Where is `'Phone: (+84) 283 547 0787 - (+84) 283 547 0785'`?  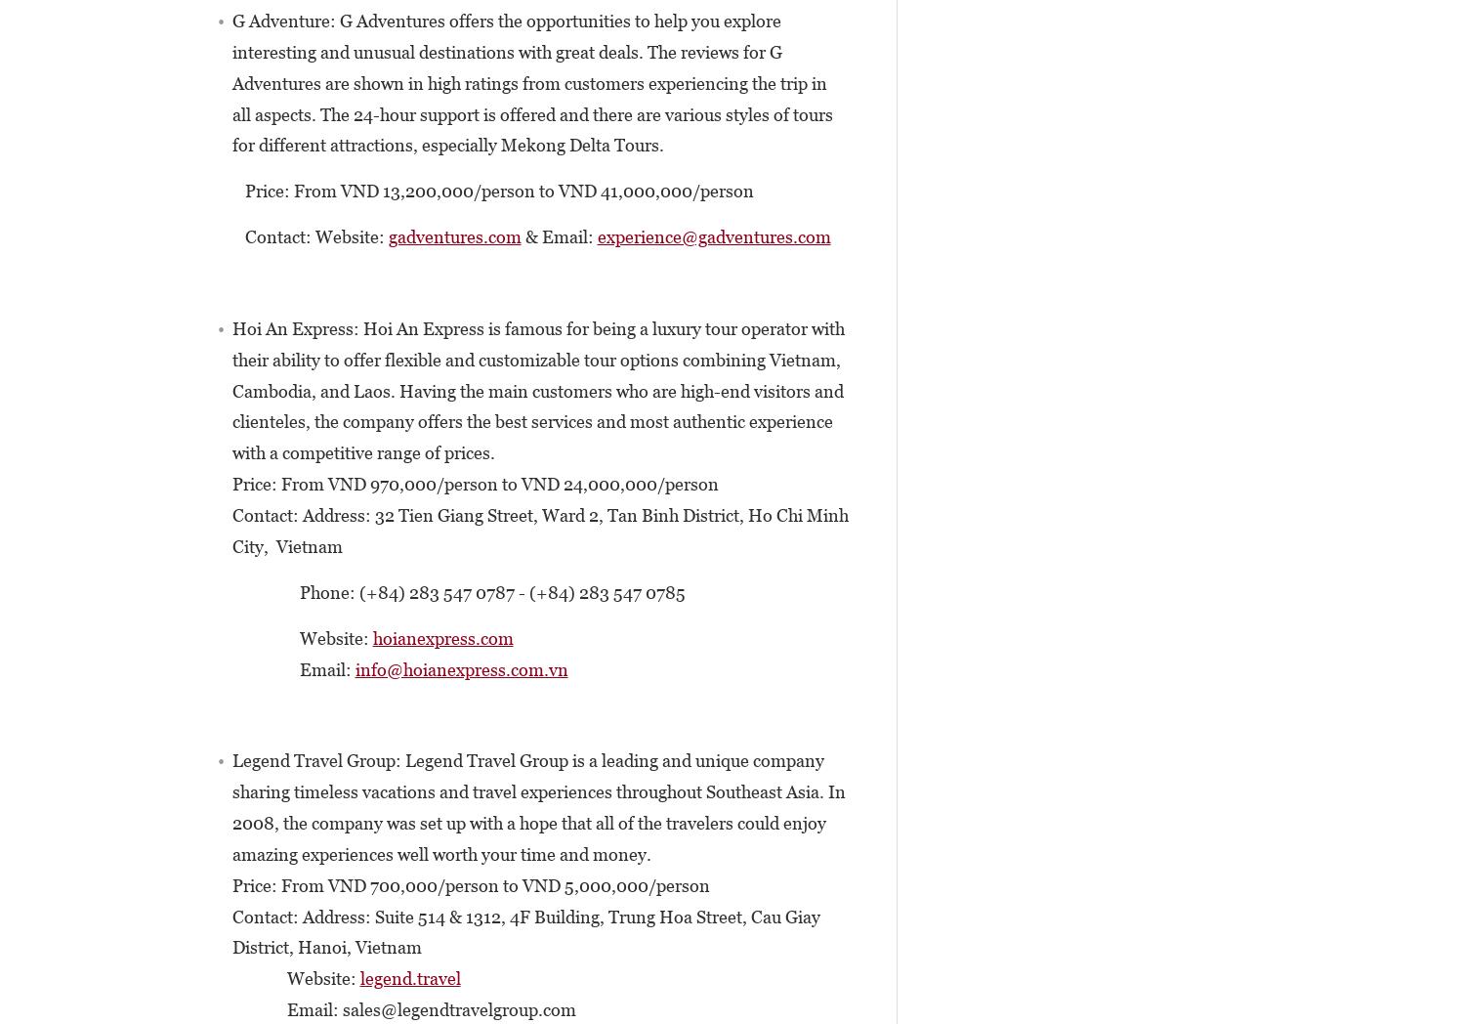
'Phone: (+84) 283 547 0787 - (+84) 283 547 0785' is located at coordinates (196, 591).